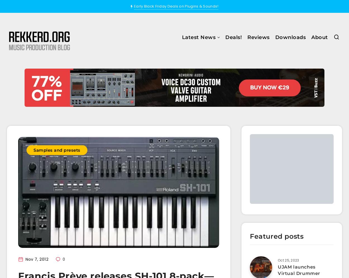  What do you see at coordinates (176, 6) in the screenshot?
I see `'Early Black Friday Deals on Plugins & Sounds!'` at bounding box center [176, 6].